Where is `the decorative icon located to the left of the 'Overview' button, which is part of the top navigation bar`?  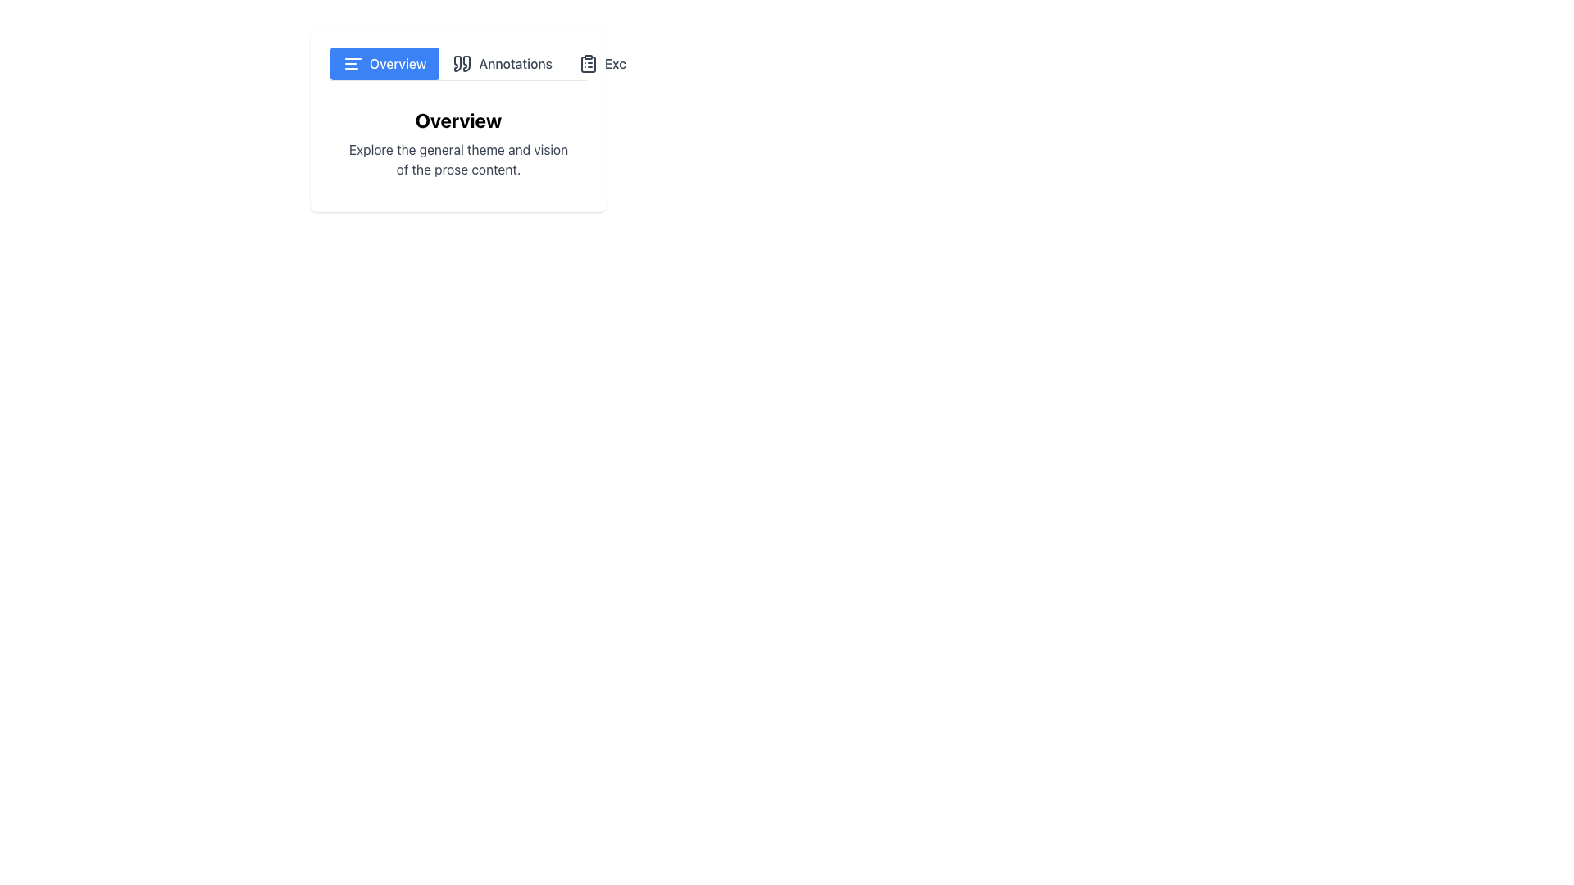
the decorative icon located to the left of the 'Overview' button, which is part of the top navigation bar is located at coordinates (353, 62).